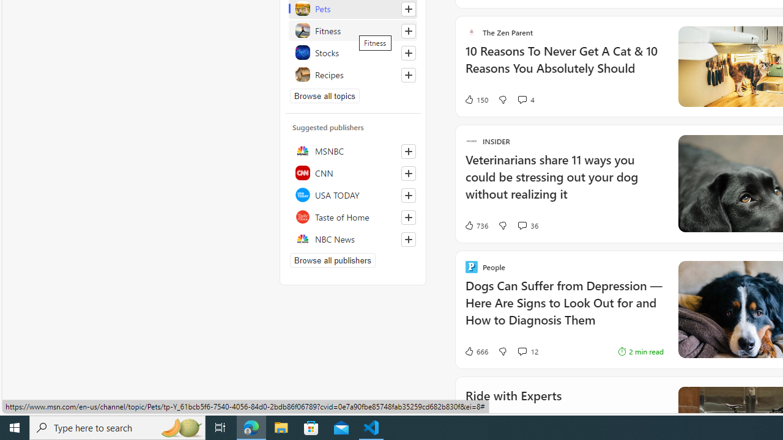 The height and width of the screenshot is (440, 783). I want to click on 'Follow this source', so click(409, 240).